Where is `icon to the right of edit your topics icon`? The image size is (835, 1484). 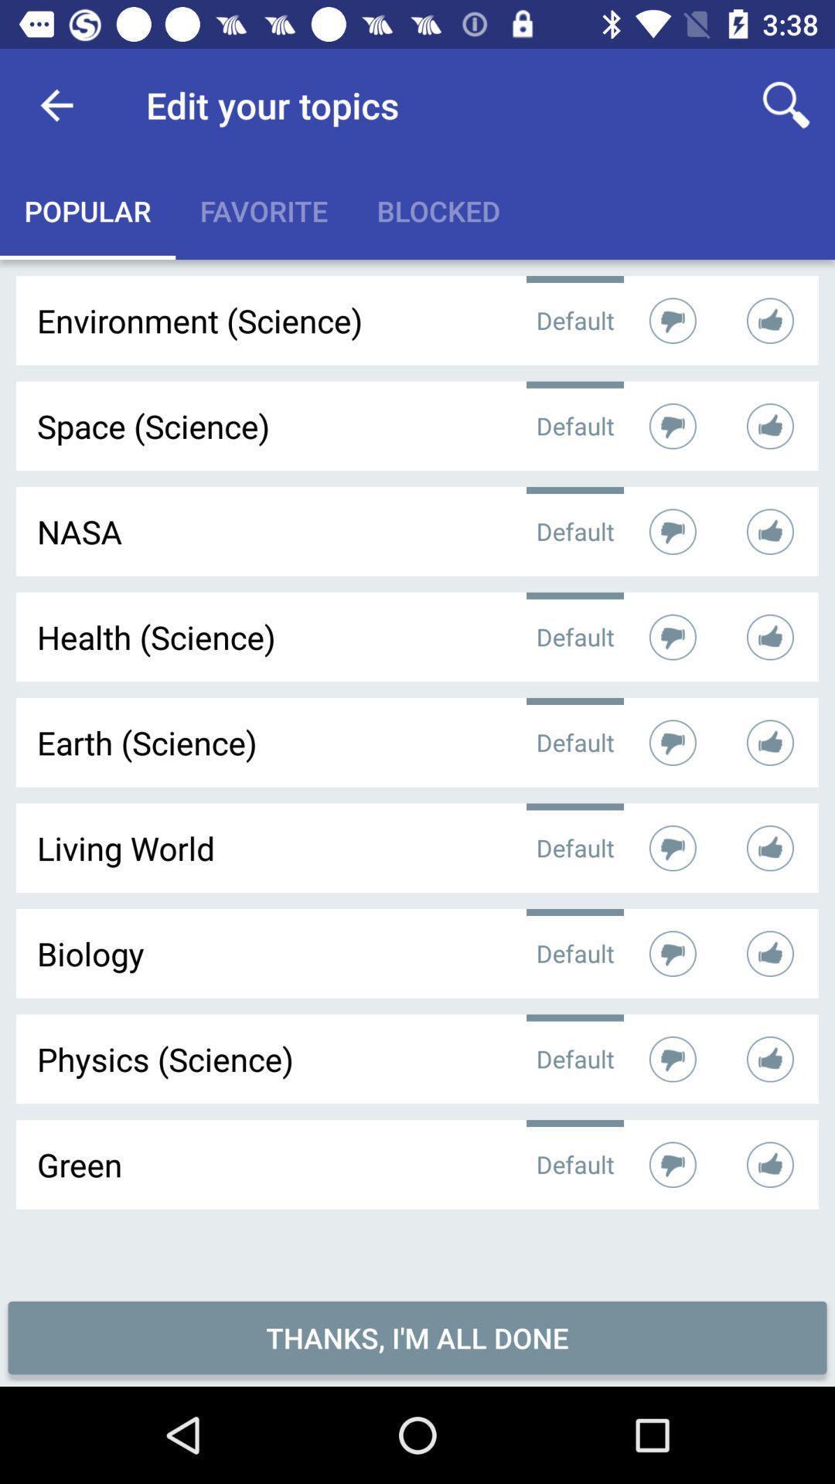 icon to the right of edit your topics icon is located at coordinates (786, 104).